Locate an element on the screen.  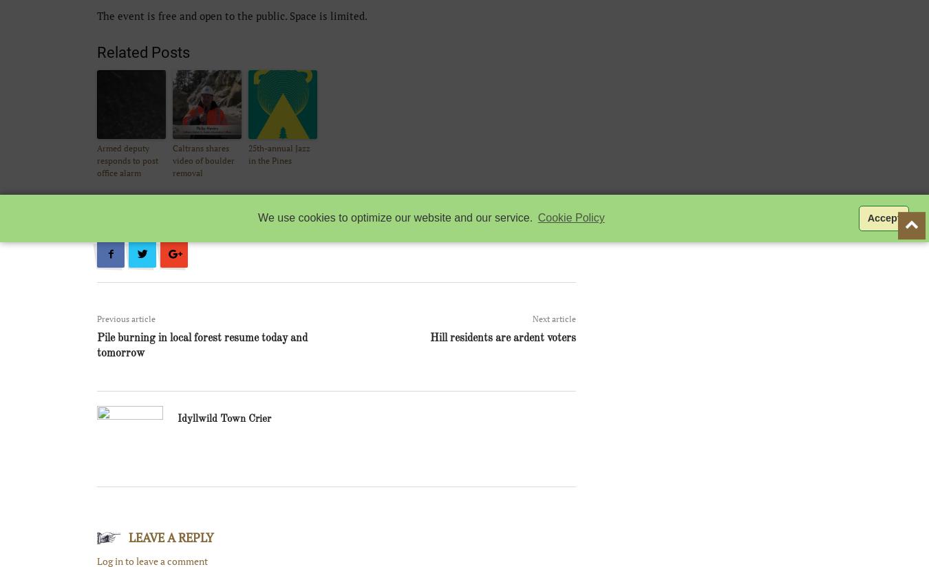
'Pile burning in local forest resume today and tomorrow' is located at coordinates (202, 345).